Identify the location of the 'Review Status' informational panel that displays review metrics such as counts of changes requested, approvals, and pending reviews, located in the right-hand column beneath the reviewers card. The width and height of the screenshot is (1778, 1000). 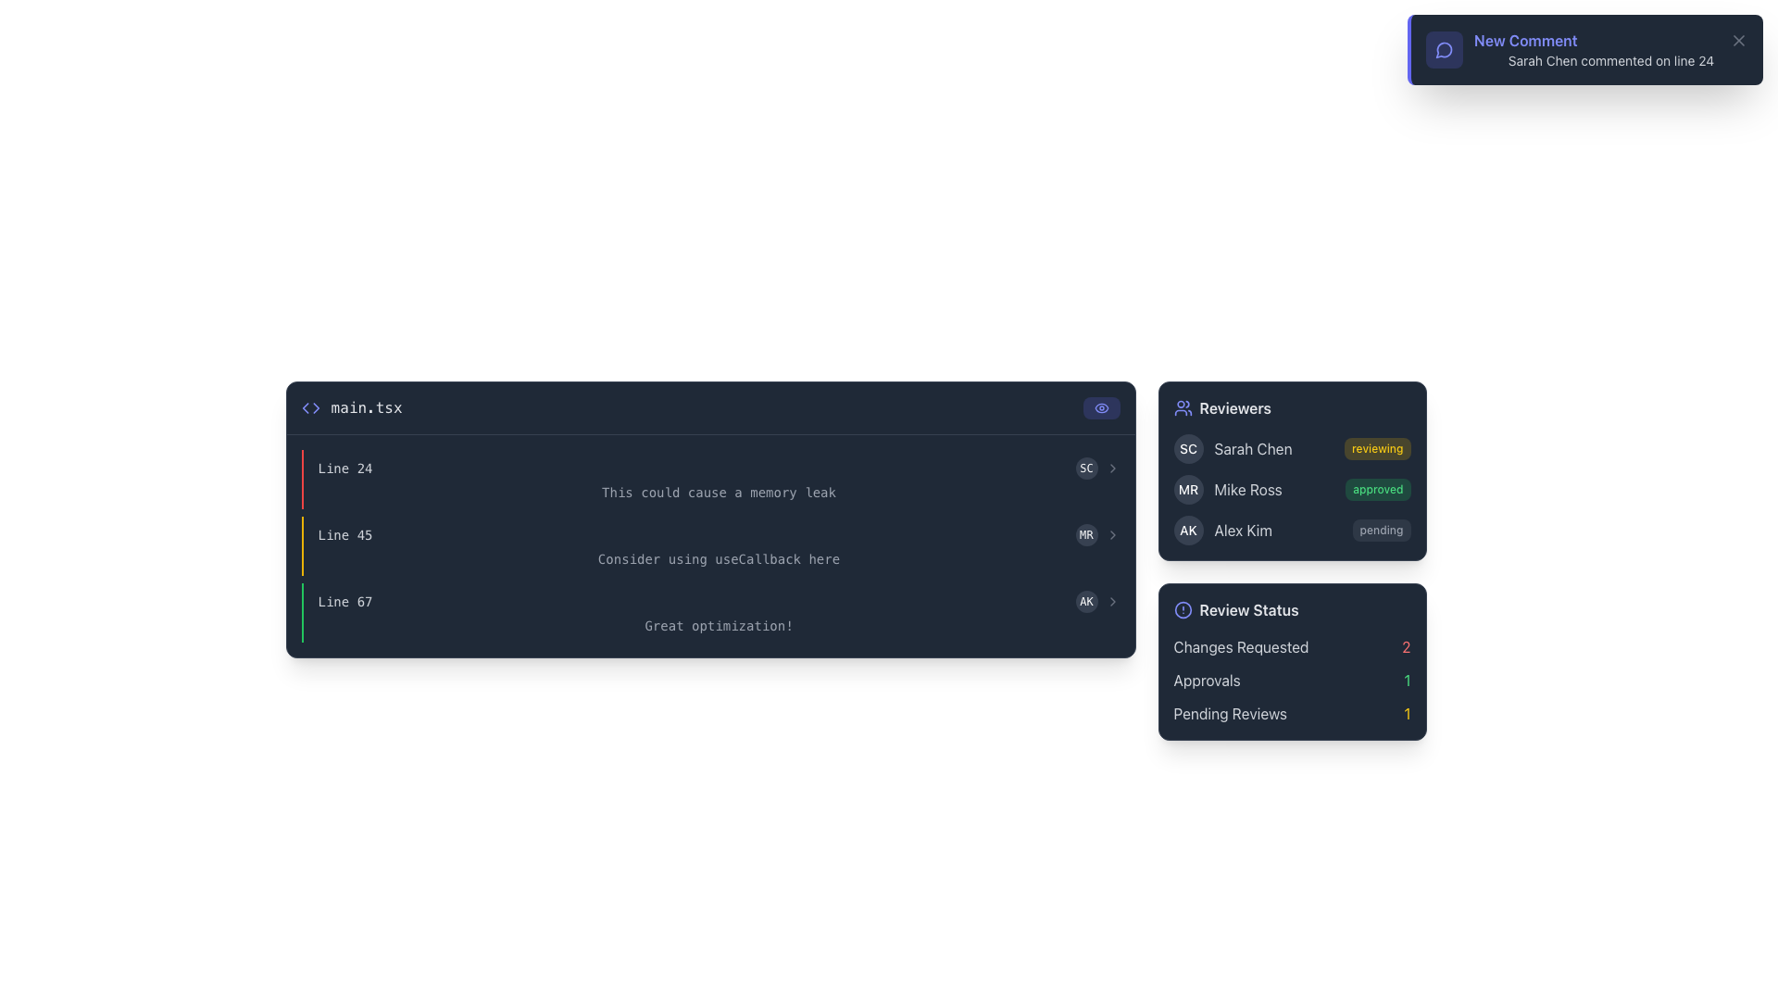
(1291, 660).